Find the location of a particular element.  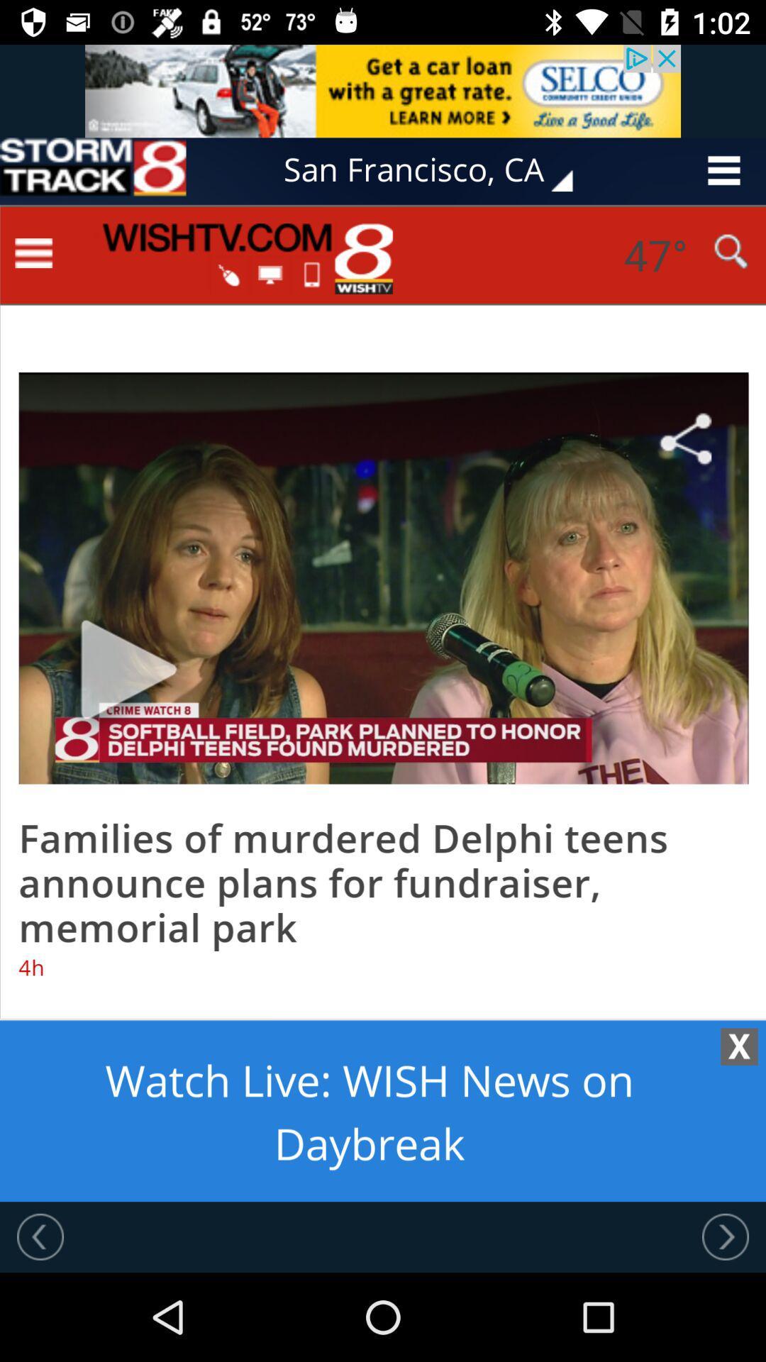

rewind button is located at coordinates (40, 1236).